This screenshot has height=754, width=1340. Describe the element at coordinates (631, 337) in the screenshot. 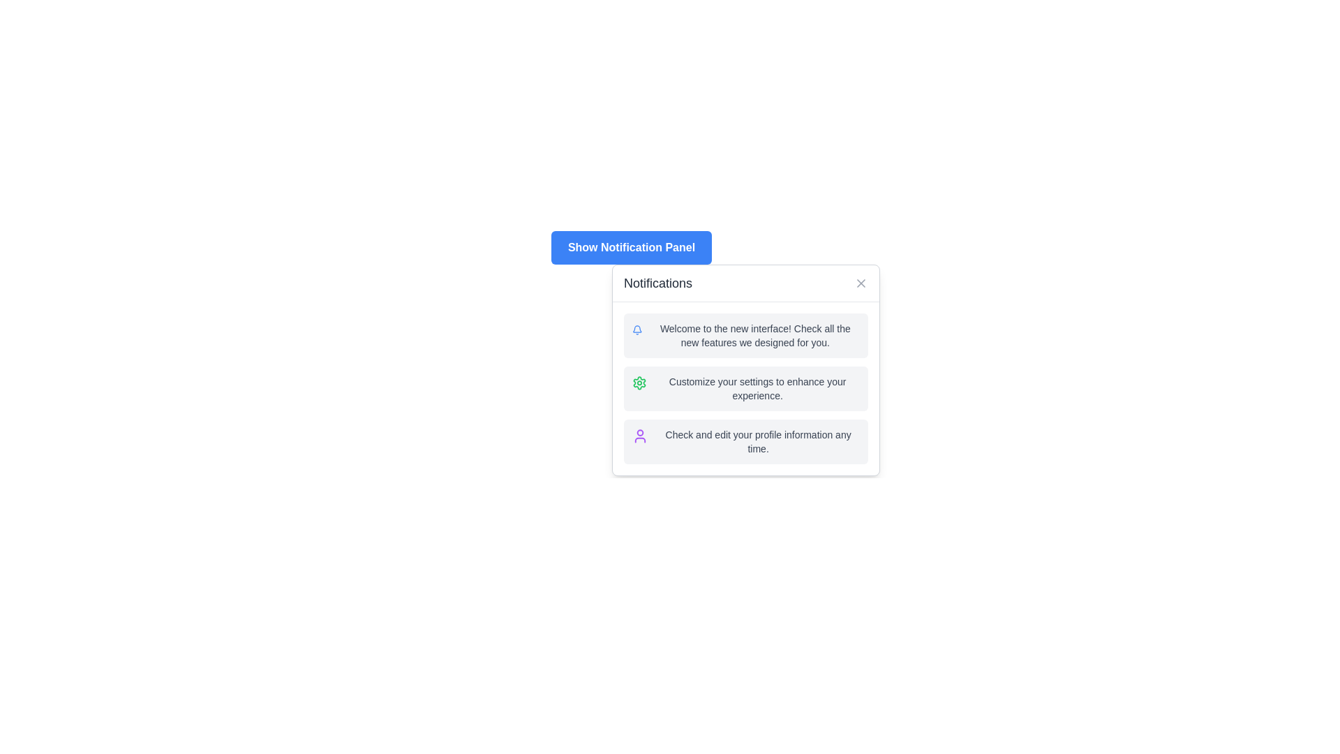

I see `the Popup Notification Panel, which displays notifications to the user and is located near the center of the interface, slightly offset to the right` at that location.